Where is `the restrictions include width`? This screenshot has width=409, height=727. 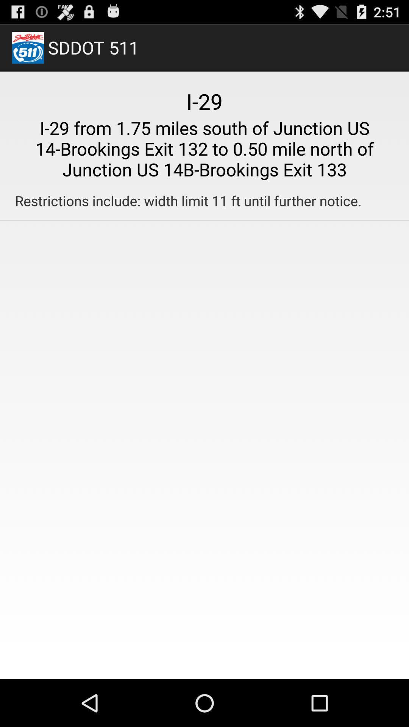
the restrictions include width is located at coordinates (188, 201).